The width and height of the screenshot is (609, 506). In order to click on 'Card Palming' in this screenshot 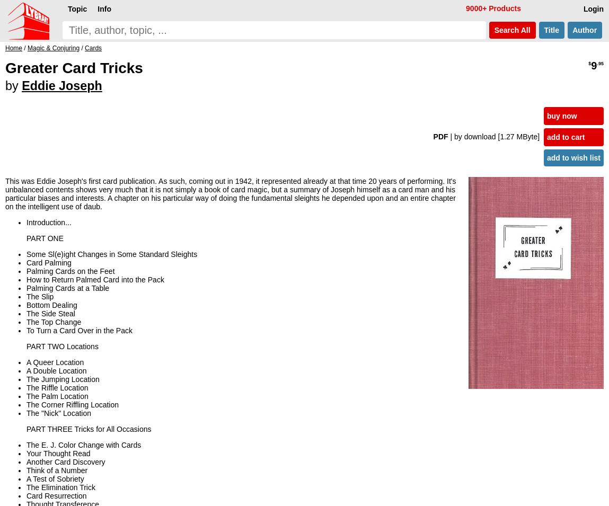, I will do `click(48, 263)`.